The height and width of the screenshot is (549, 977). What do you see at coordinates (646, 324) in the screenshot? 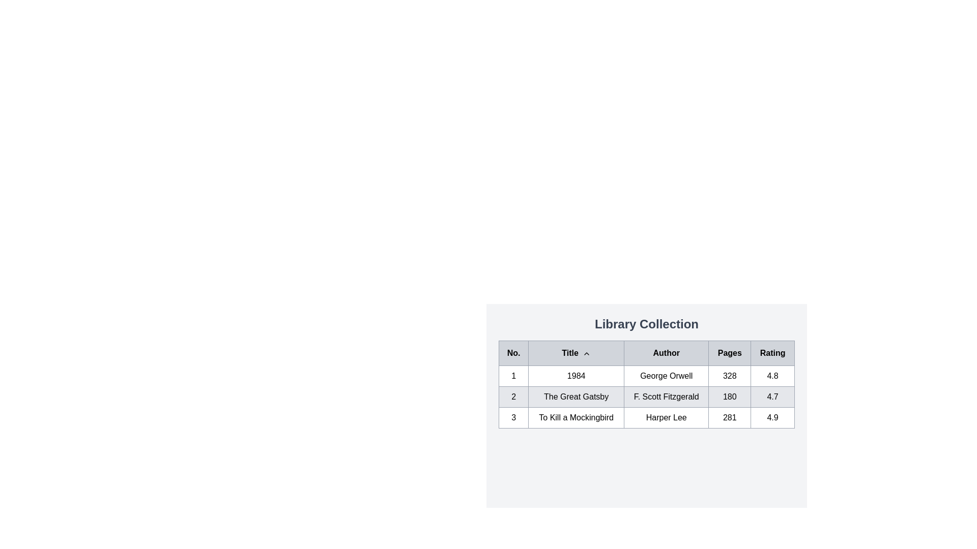
I see `the bold, large-font header titled 'Library Collection', which is styled in dark gray and centrally aligned above the data table` at bounding box center [646, 324].